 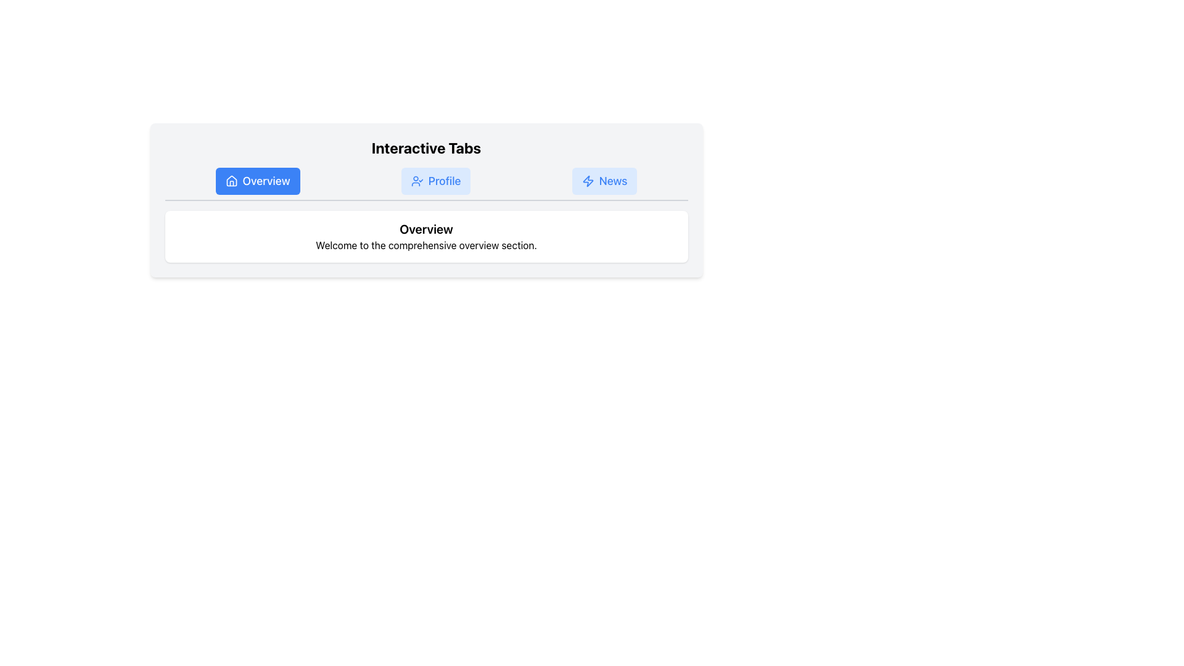 I want to click on the decorative icon representing the 'Overview' section, located at the center-left of the blue 'Overview' button on the tab navigation bar, so click(x=231, y=181).